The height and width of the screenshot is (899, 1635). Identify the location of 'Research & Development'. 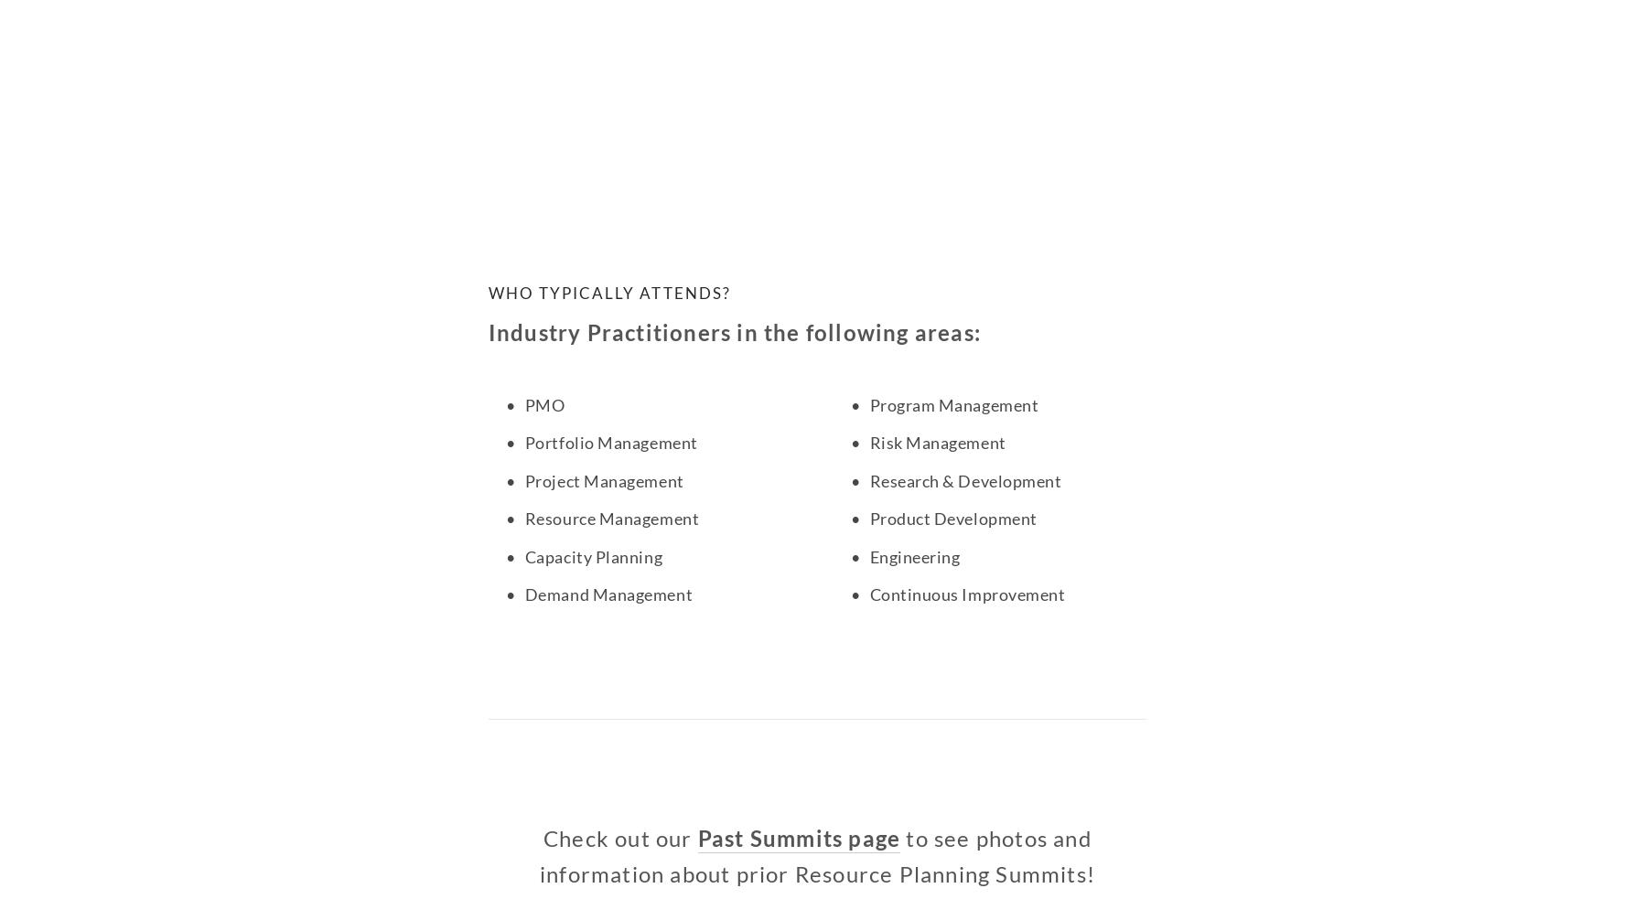
(965, 480).